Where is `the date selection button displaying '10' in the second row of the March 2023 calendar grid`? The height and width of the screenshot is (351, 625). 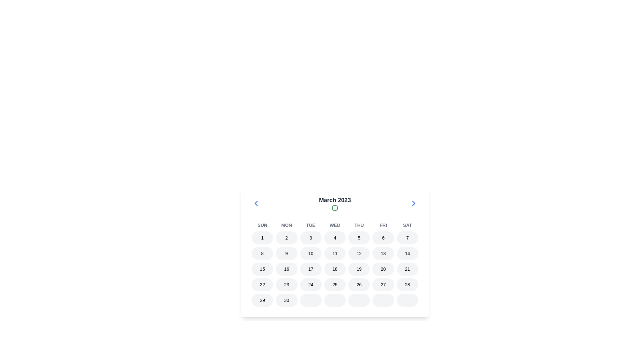 the date selection button displaying '10' in the second row of the March 2023 calendar grid is located at coordinates (310, 253).